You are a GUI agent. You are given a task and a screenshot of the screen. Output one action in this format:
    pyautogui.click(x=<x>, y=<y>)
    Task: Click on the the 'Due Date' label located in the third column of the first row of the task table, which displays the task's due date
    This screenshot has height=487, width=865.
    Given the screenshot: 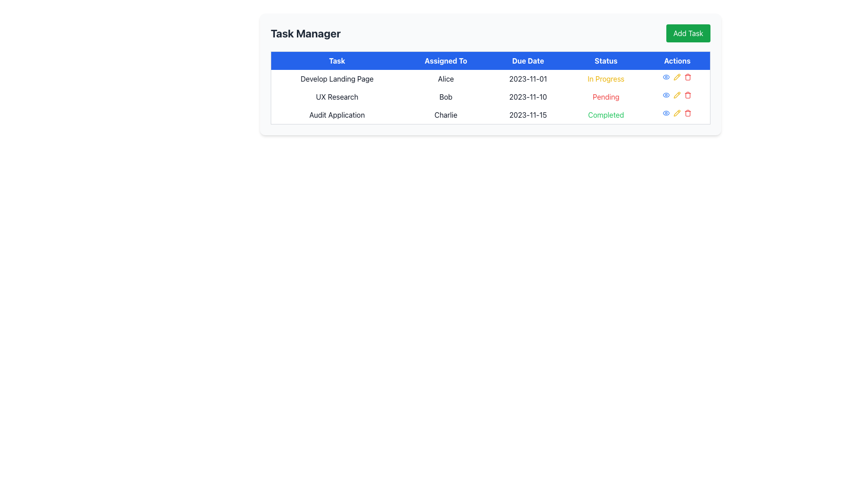 What is the action you would take?
    pyautogui.click(x=528, y=78)
    